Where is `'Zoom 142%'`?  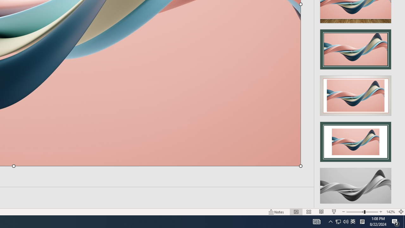 'Zoom 142%' is located at coordinates (390, 212).